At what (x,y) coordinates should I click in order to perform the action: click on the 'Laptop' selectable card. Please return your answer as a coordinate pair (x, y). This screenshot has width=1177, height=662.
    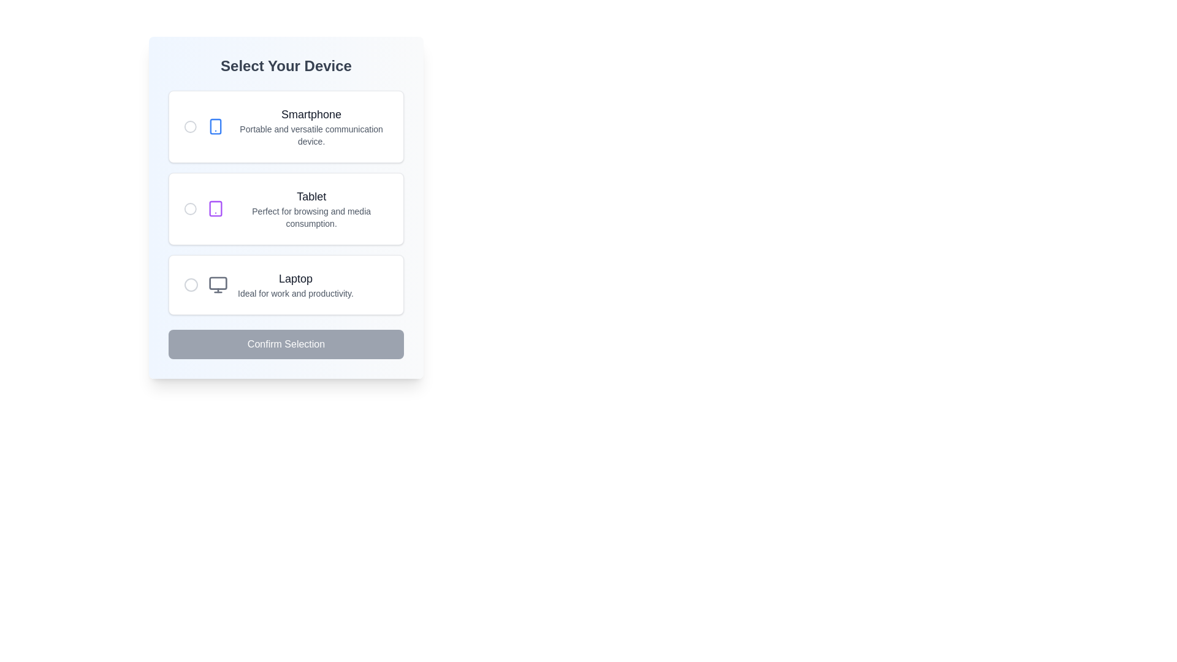
    Looking at the image, I should click on (285, 285).